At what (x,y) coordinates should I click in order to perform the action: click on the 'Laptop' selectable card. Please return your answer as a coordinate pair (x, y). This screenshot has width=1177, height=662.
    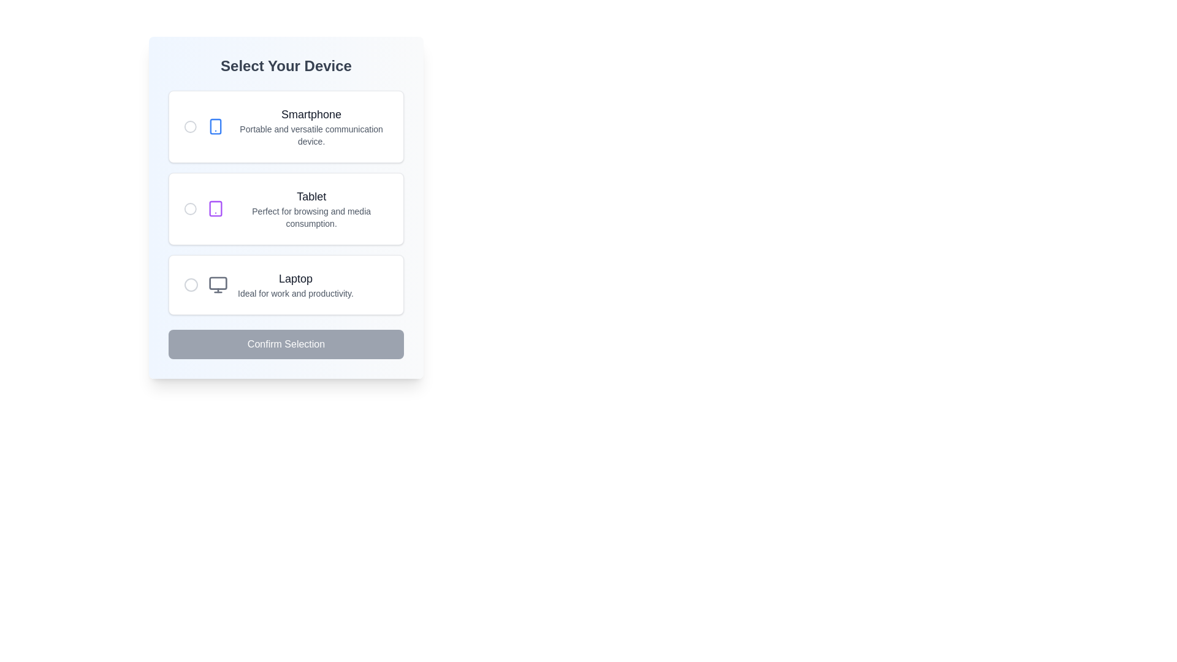
    Looking at the image, I should click on (285, 285).